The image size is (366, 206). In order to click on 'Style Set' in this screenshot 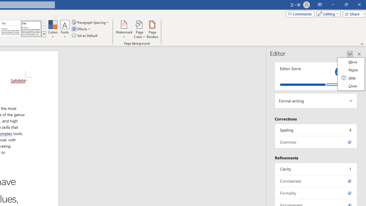, I will do `click(43, 34)`.